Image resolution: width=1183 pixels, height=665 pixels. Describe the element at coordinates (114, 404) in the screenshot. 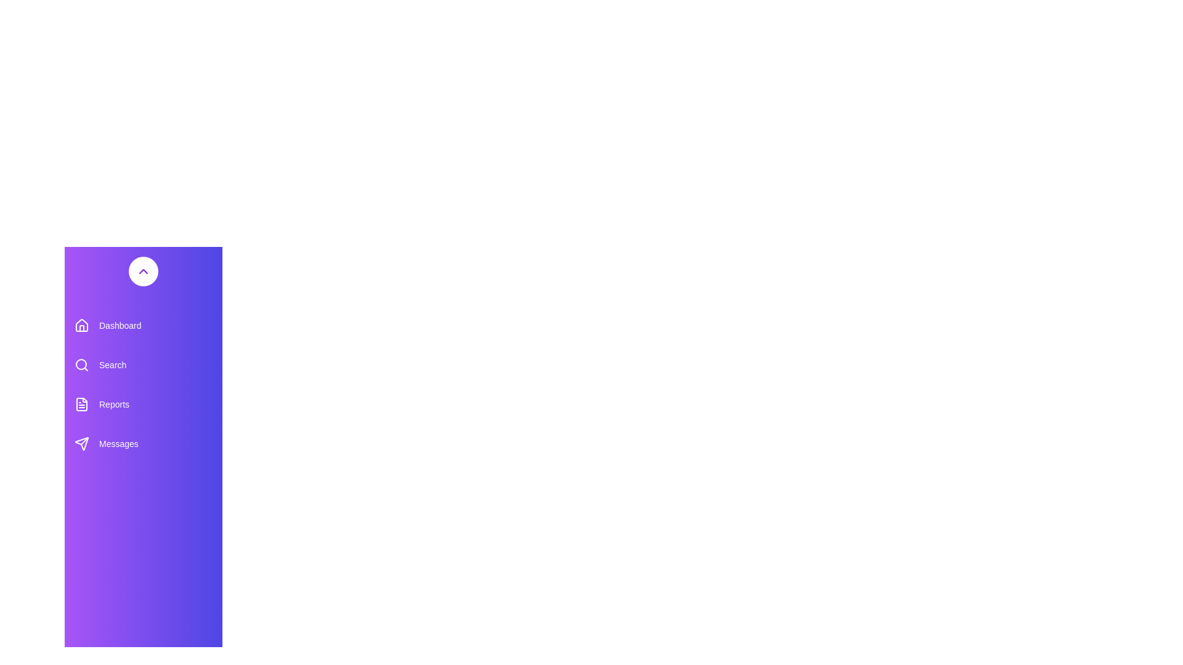

I see `the text label displaying 'Reports' in the left sidebar navigation menu, which is styled in white on a purple background` at that location.